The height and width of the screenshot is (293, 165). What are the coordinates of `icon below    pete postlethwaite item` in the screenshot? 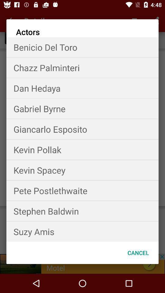 It's located at (82, 211).